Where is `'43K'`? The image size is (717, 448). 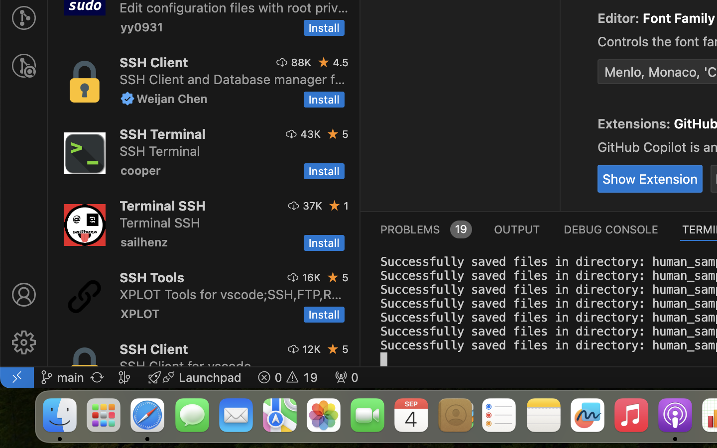
'43K' is located at coordinates (310, 133).